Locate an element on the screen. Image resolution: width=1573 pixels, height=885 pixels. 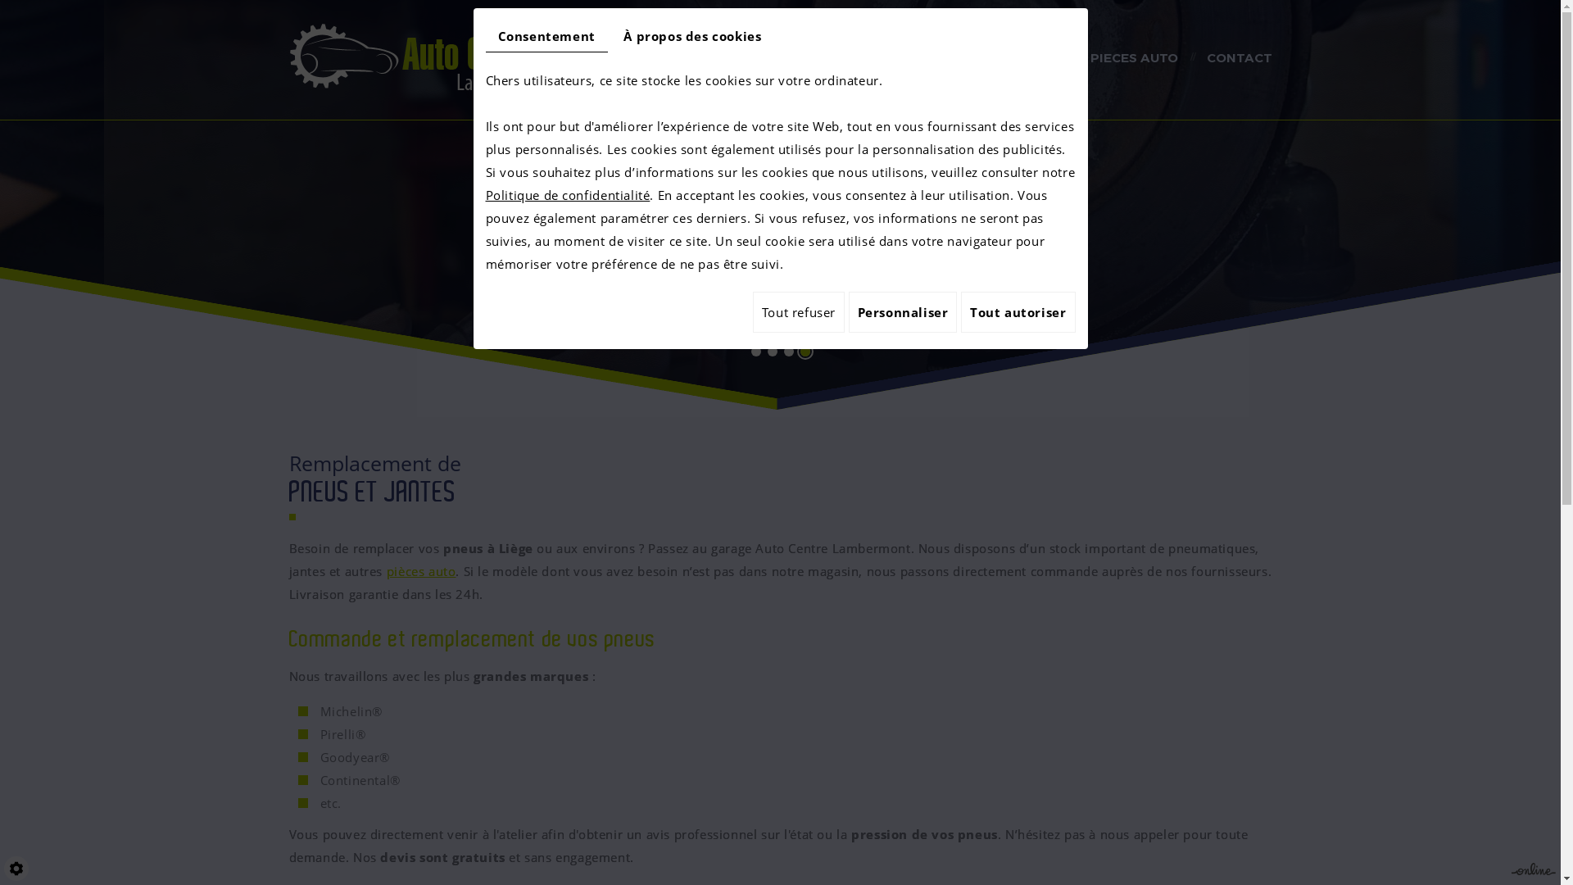
'Personnaliser' is located at coordinates (902, 312).